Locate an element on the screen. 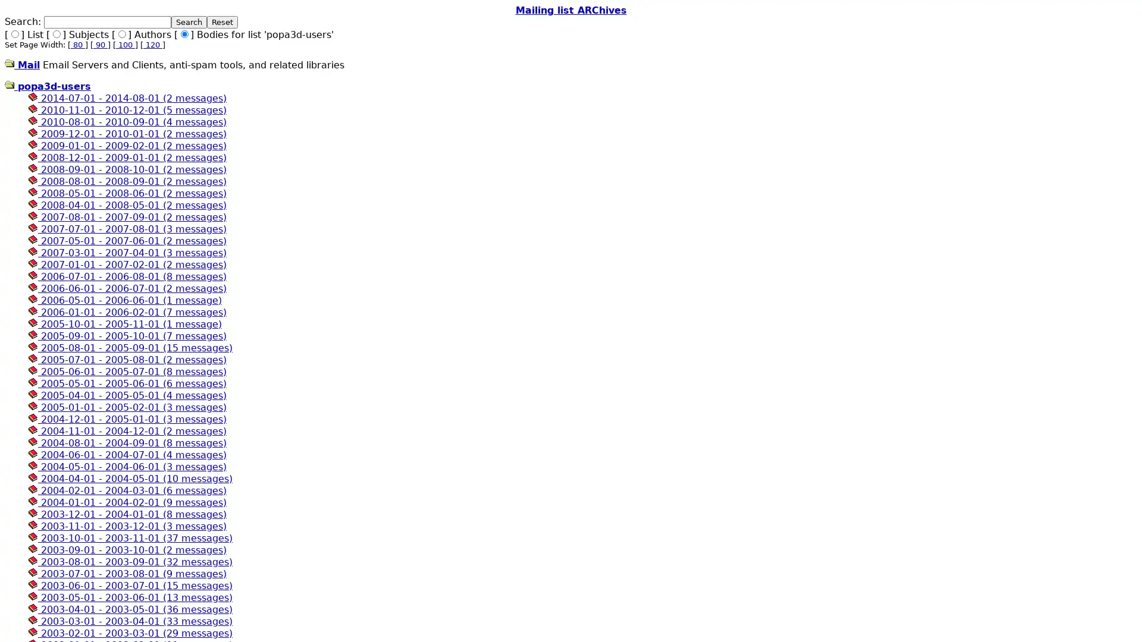 Image resolution: width=1142 pixels, height=642 pixels. Search is located at coordinates (188, 22).